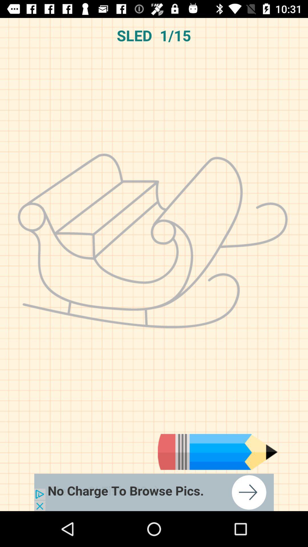 This screenshot has height=547, width=308. What do you see at coordinates (218, 452) in the screenshot?
I see `draw button` at bounding box center [218, 452].